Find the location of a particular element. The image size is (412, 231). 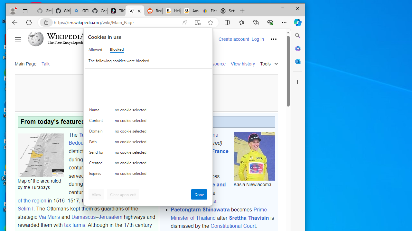

'Clear upon exit' is located at coordinates (123, 194).